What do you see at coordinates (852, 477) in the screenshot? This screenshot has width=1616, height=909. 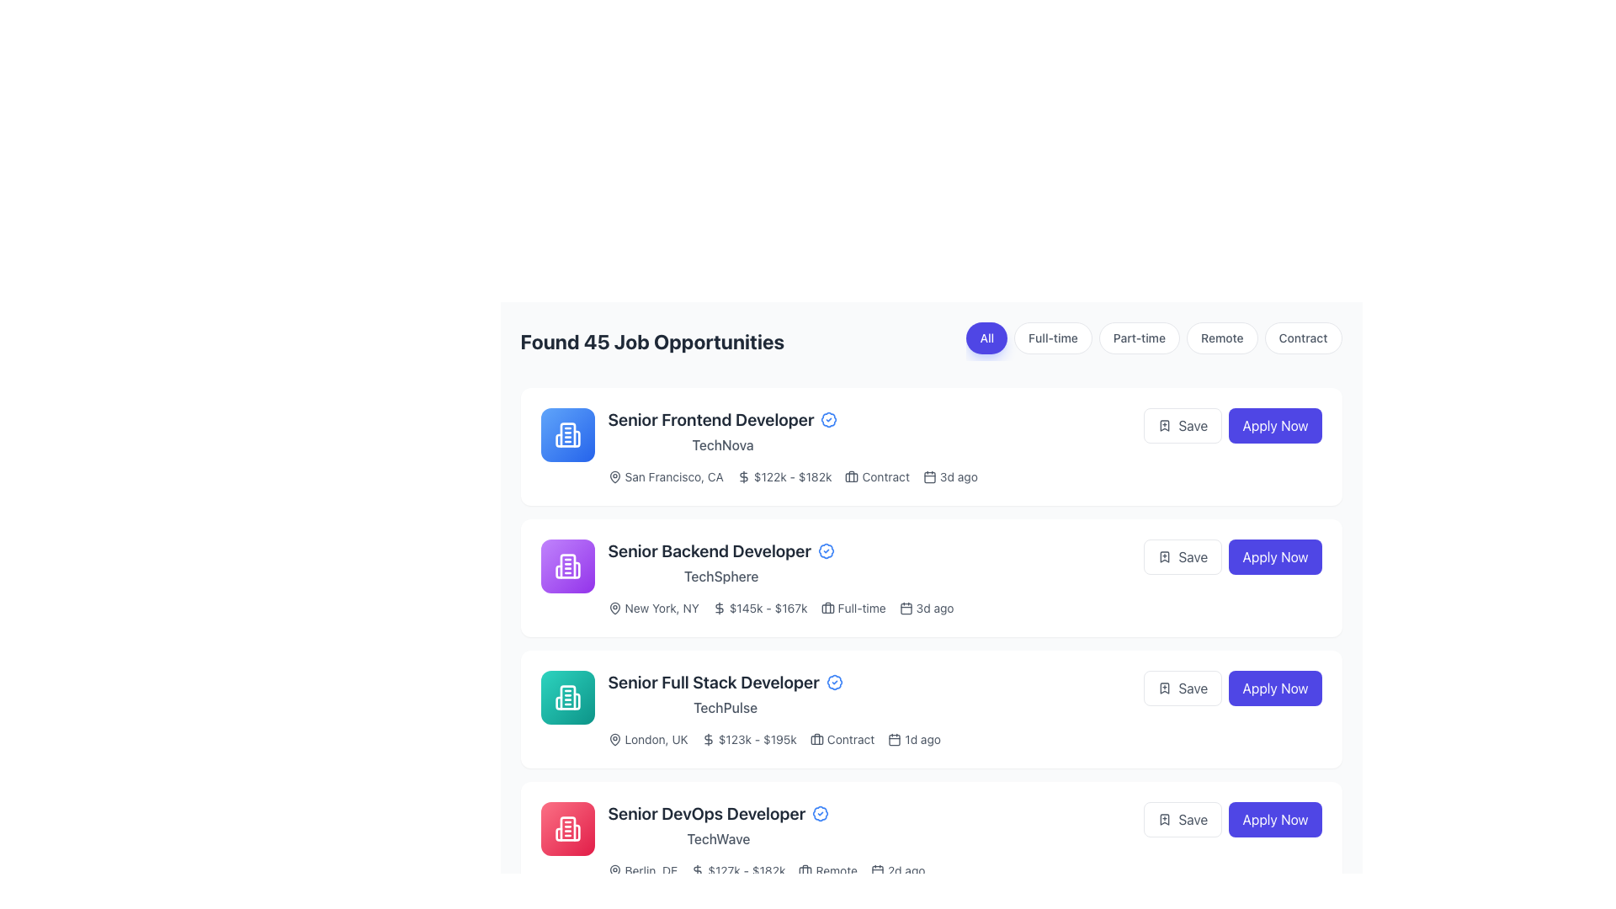 I see `the briefcase icon that represents contracts within the job listing, located to the left of the text 'Contract' in the job opportunity listing card` at bounding box center [852, 477].